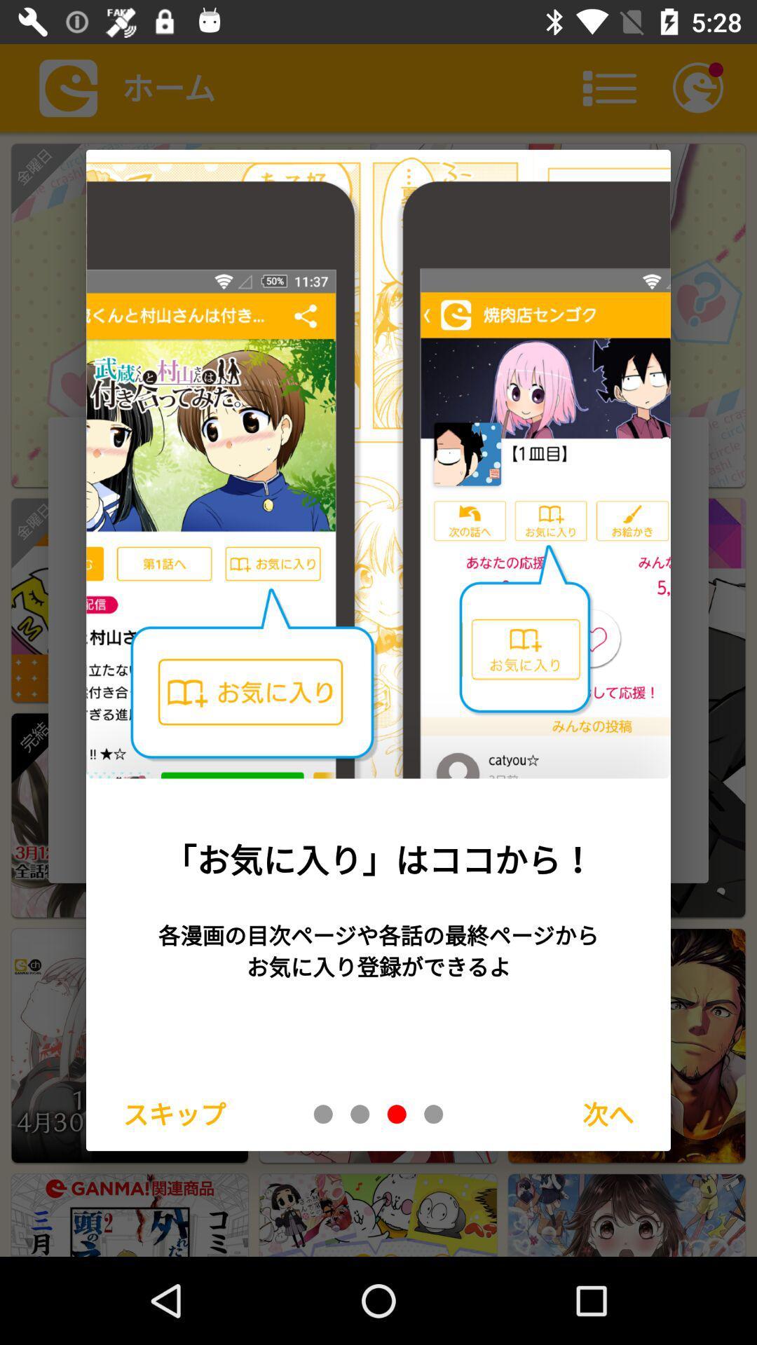 This screenshot has height=1345, width=757. What do you see at coordinates (359, 1113) in the screenshot?
I see `choose page` at bounding box center [359, 1113].